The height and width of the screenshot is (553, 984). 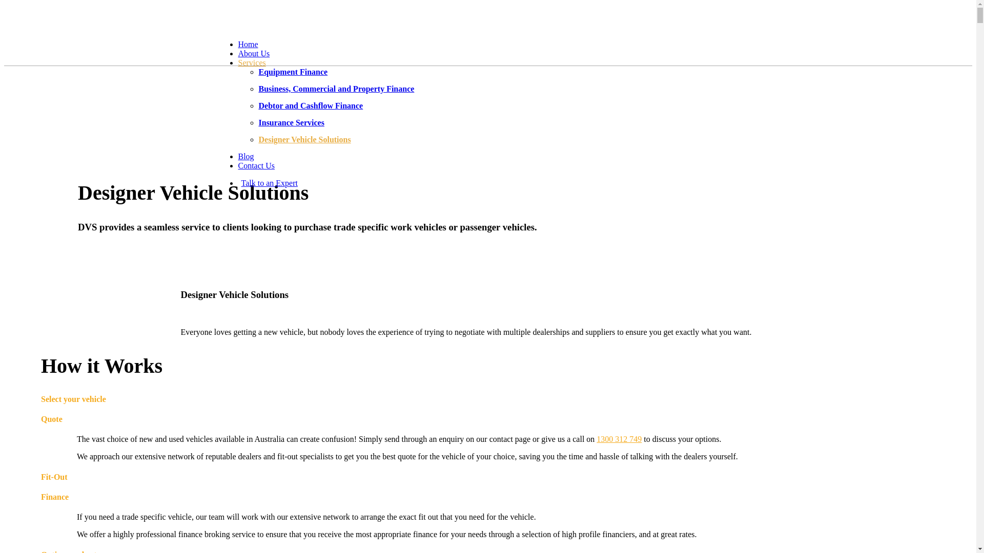 I want to click on 'Equipment Finance', so click(x=292, y=71).